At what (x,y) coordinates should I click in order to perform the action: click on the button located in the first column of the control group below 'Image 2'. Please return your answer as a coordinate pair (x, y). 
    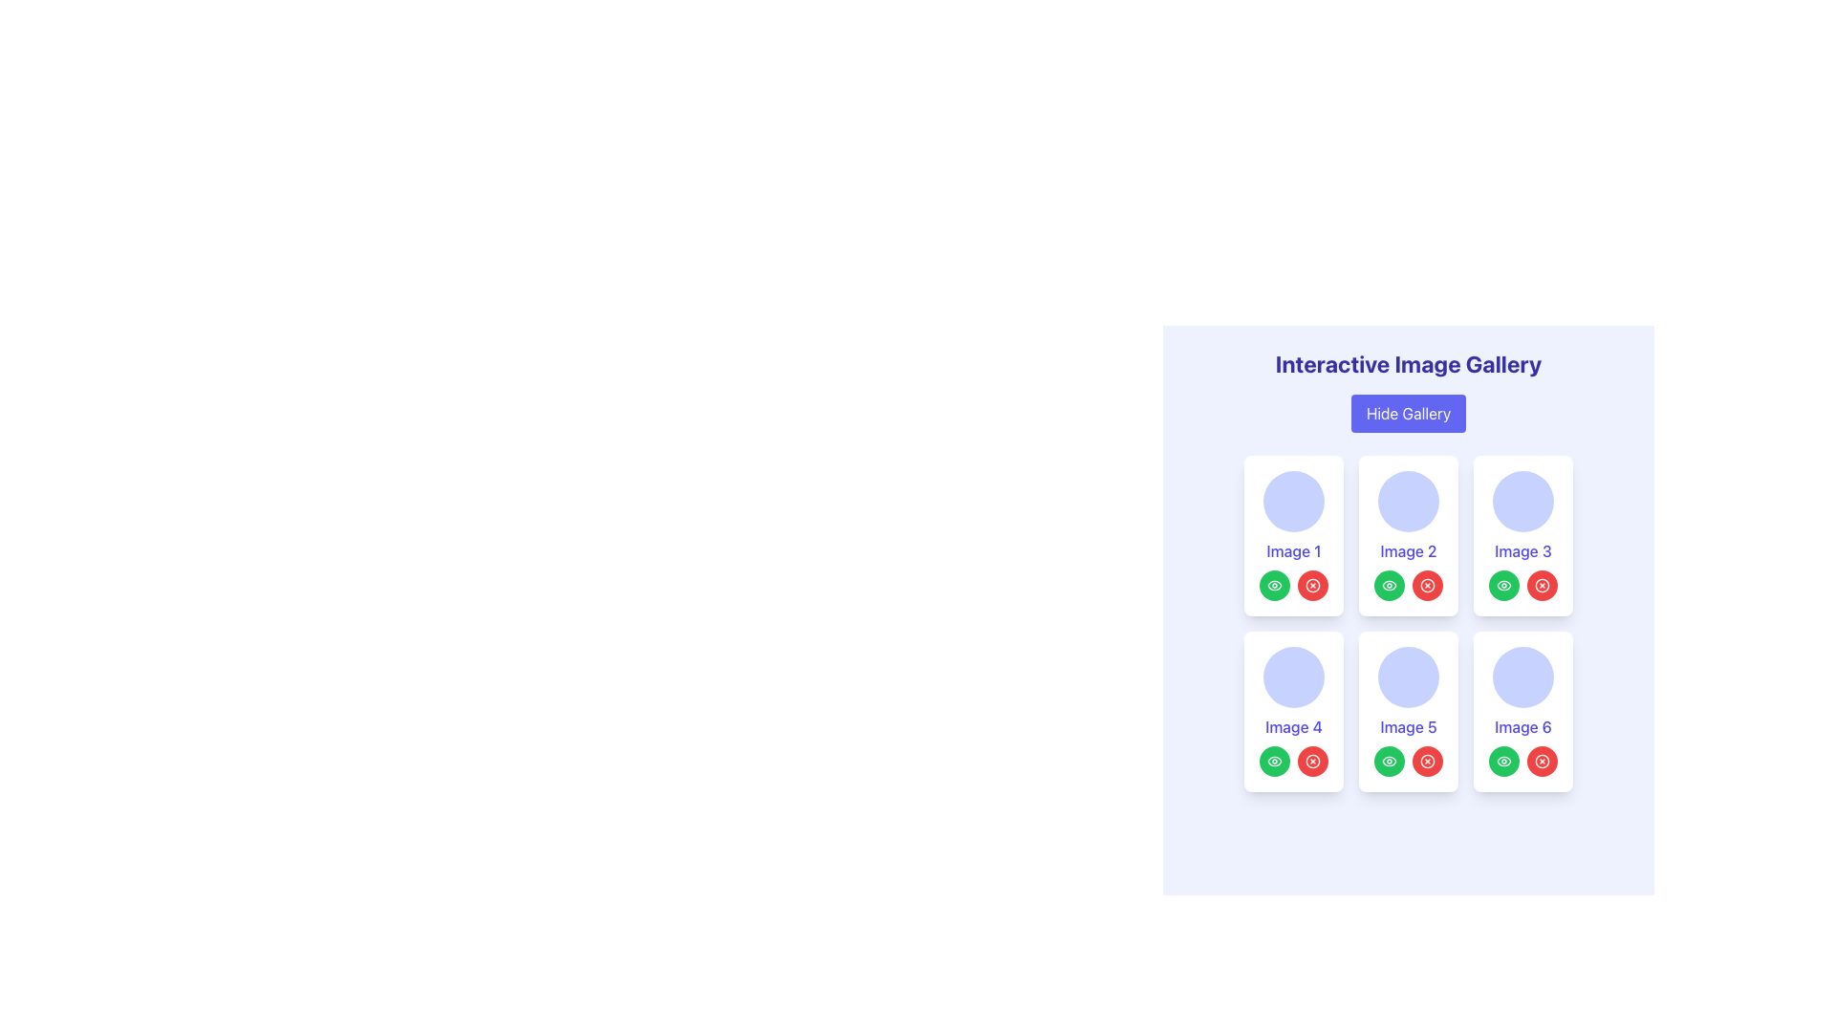
    Looking at the image, I should click on (1390, 585).